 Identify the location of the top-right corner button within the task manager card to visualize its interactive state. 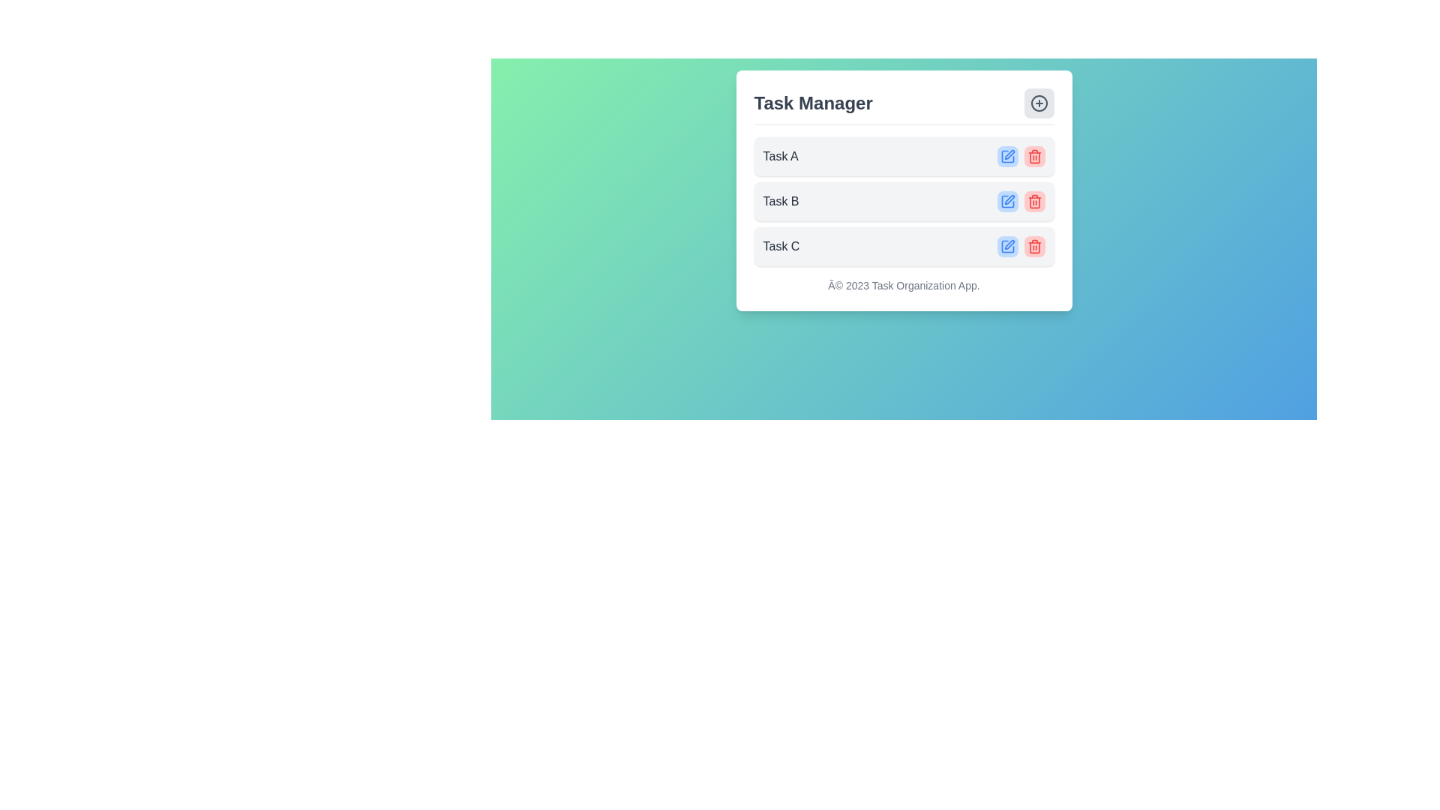
(1038, 103).